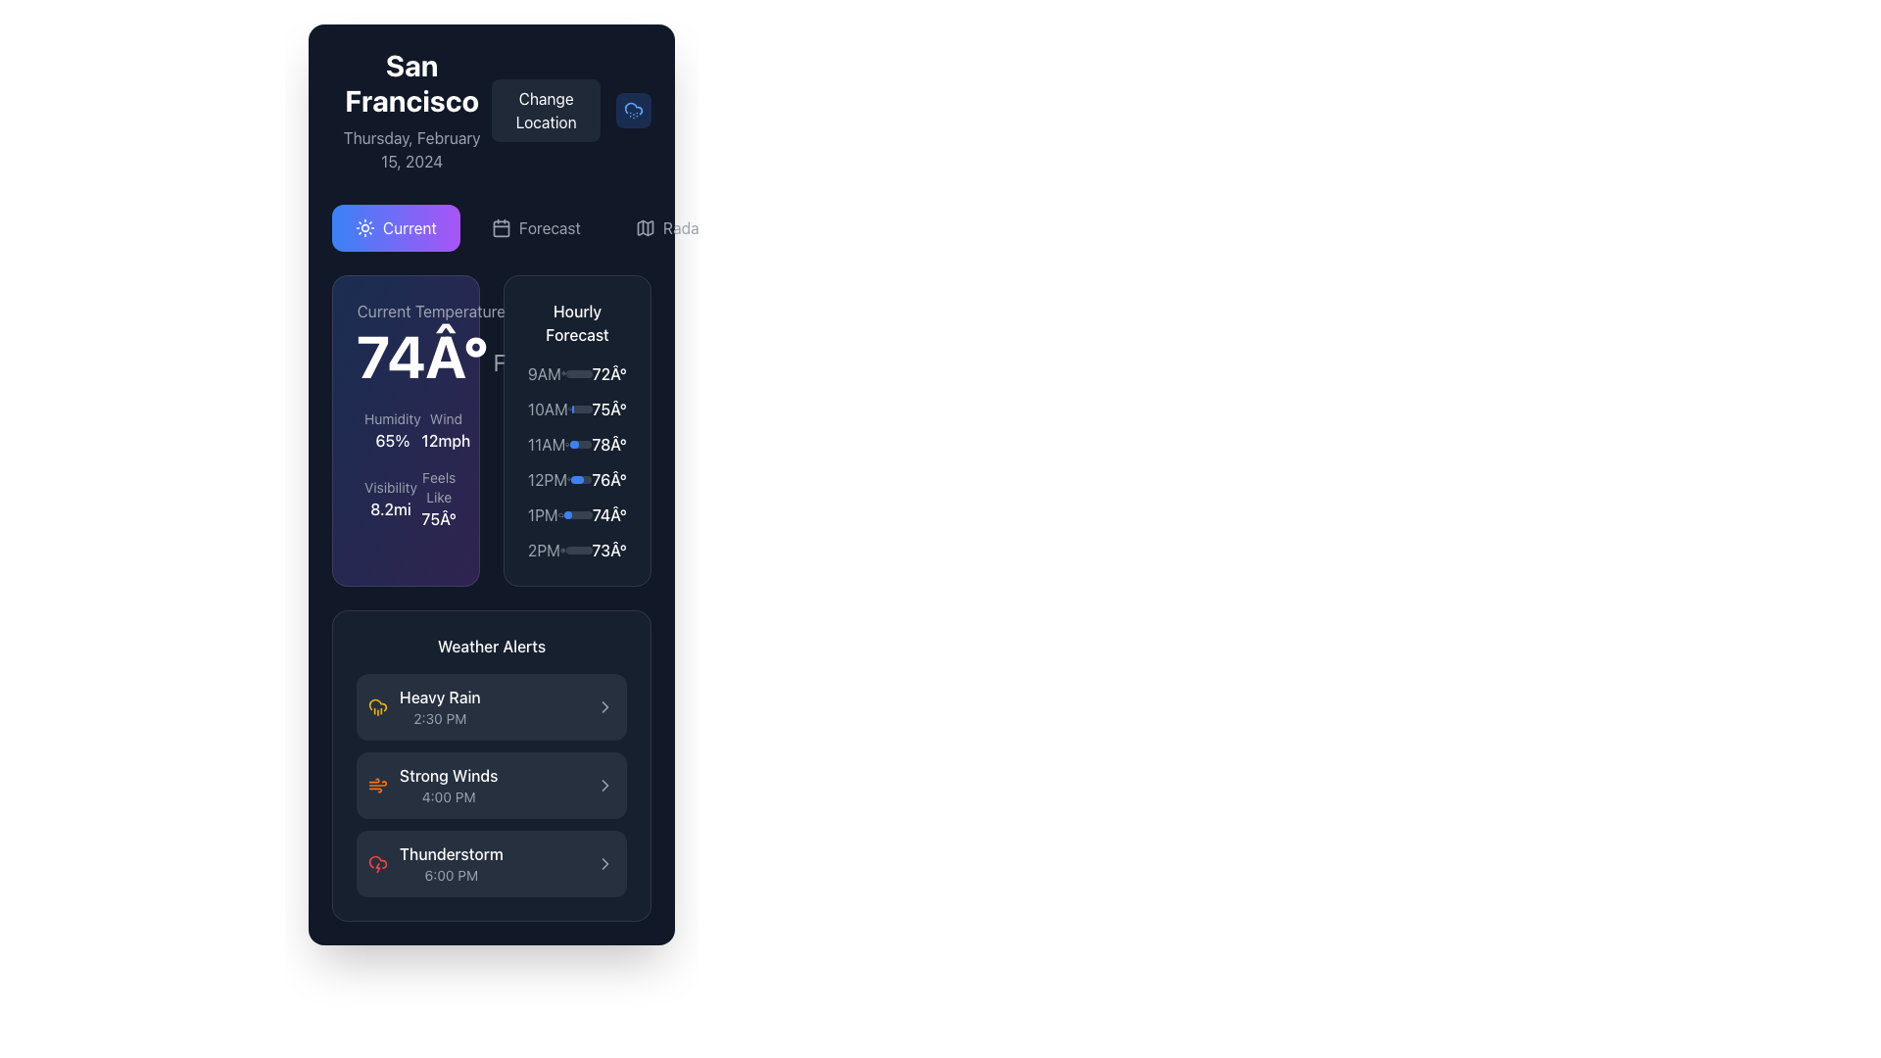 The image size is (1881, 1058). I want to click on the Text Label Pair displaying wind speed, which consists of 'Wind' in gray above and '12mph' in white below, located in the bottom-left side of the weather details card, so click(445, 429).